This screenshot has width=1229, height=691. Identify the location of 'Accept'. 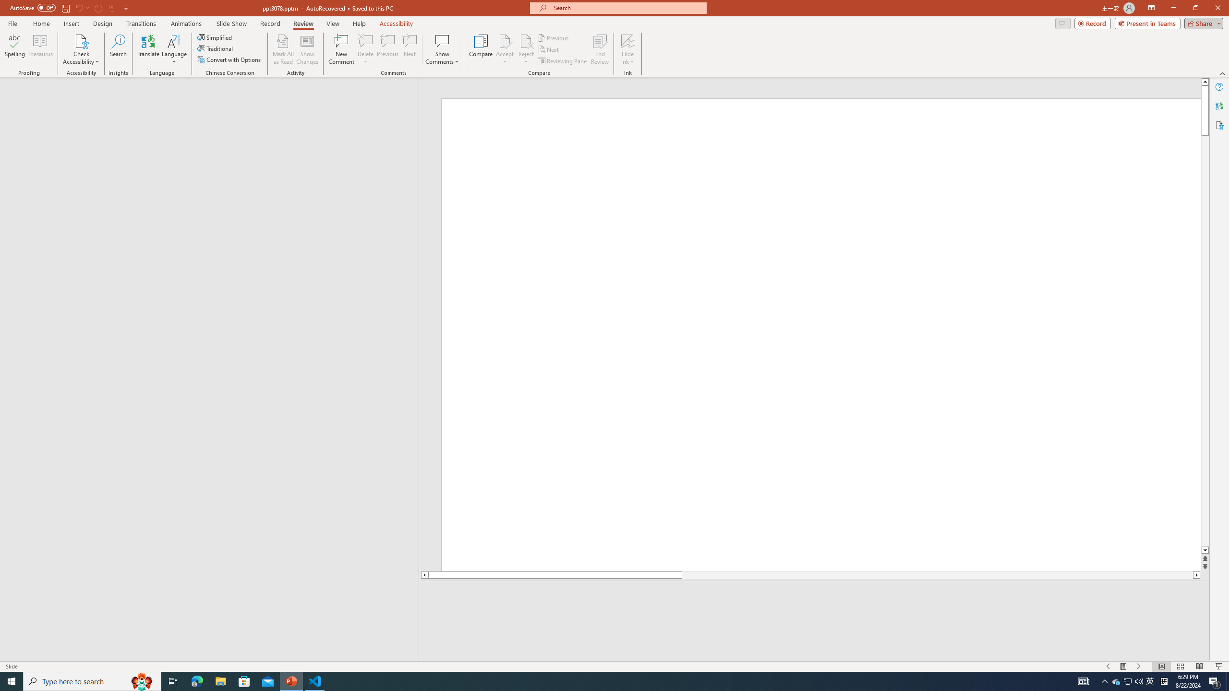
(505, 49).